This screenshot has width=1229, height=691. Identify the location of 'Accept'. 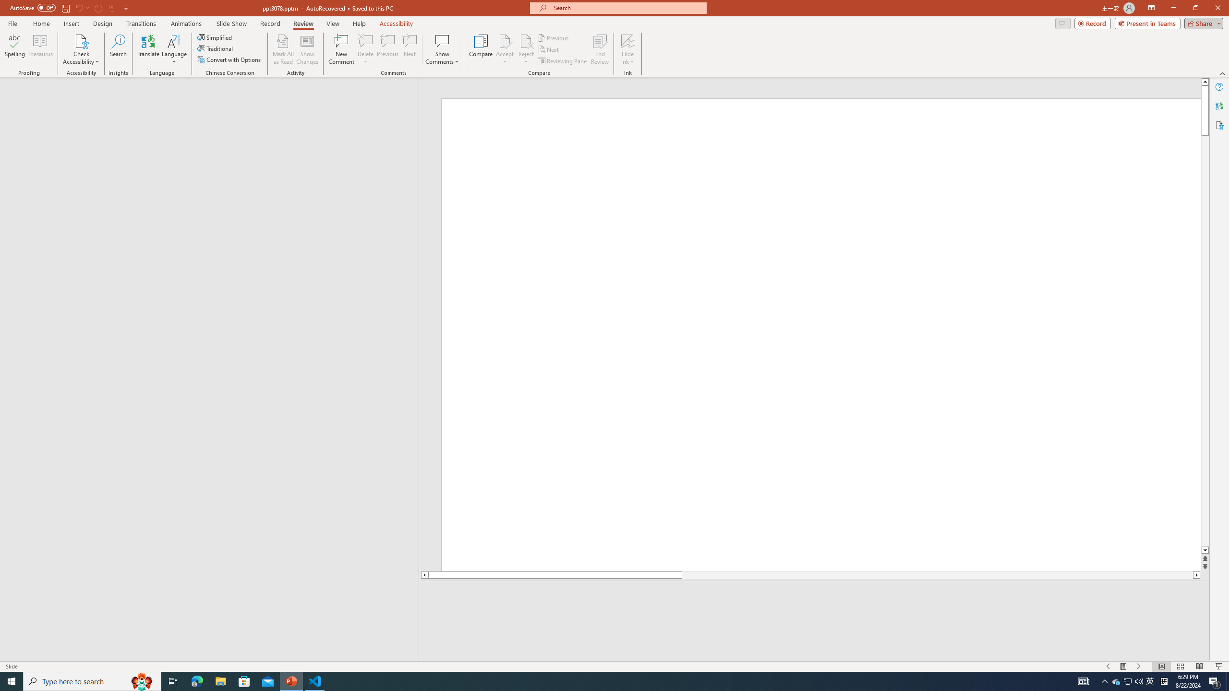
(505, 49).